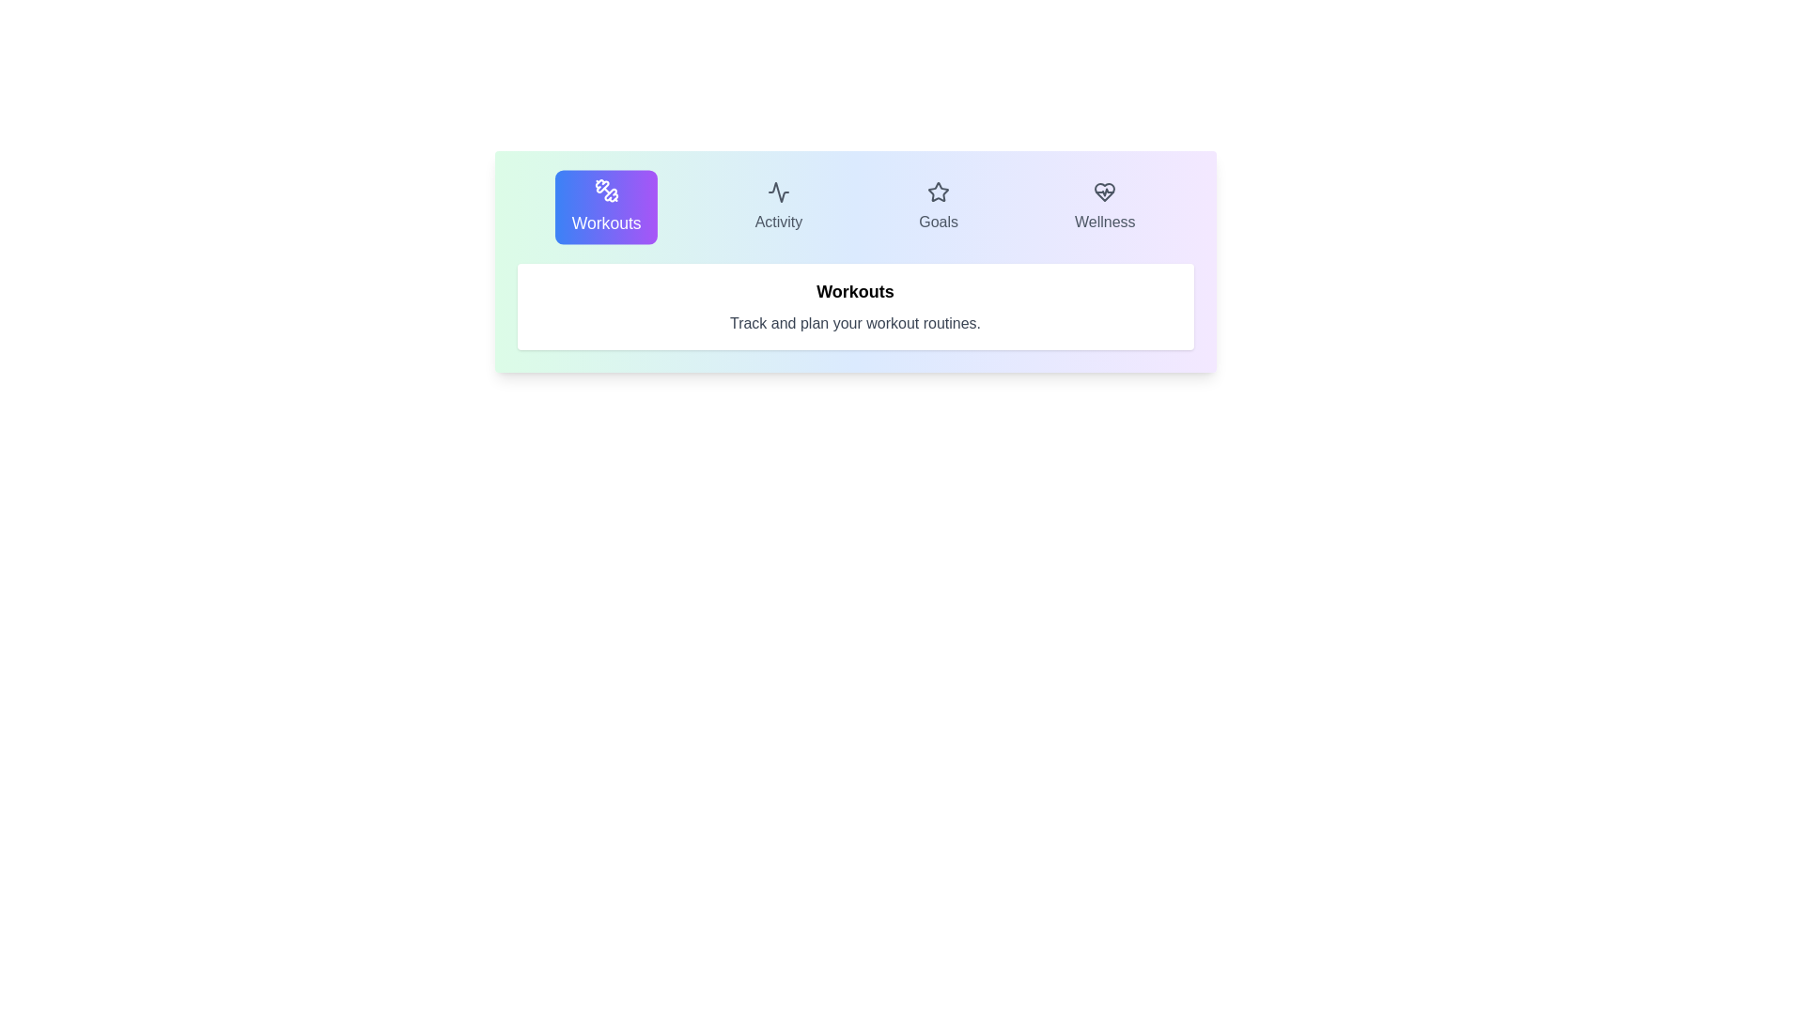 The width and height of the screenshot is (1804, 1014). What do you see at coordinates (1105, 207) in the screenshot?
I see `the 'Wellness' button, which features a heart icon with a heartbeat line and the text label 'Wellness' below it, located in the top-right corner of a group of navigation elements` at bounding box center [1105, 207].